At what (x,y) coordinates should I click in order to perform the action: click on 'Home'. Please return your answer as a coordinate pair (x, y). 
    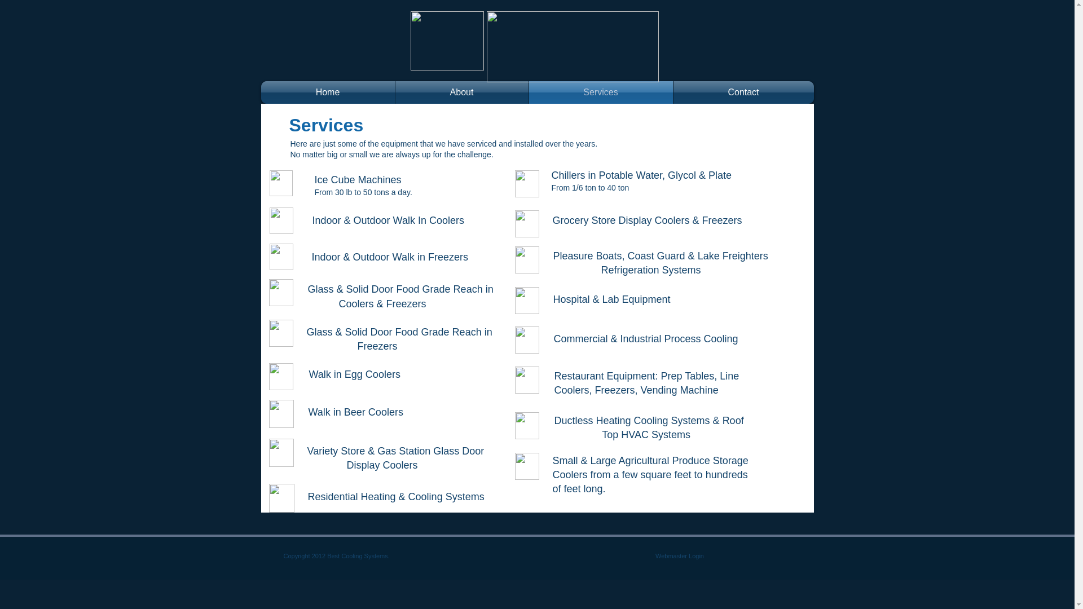
    Looking at the image, I should click on (327, 92).